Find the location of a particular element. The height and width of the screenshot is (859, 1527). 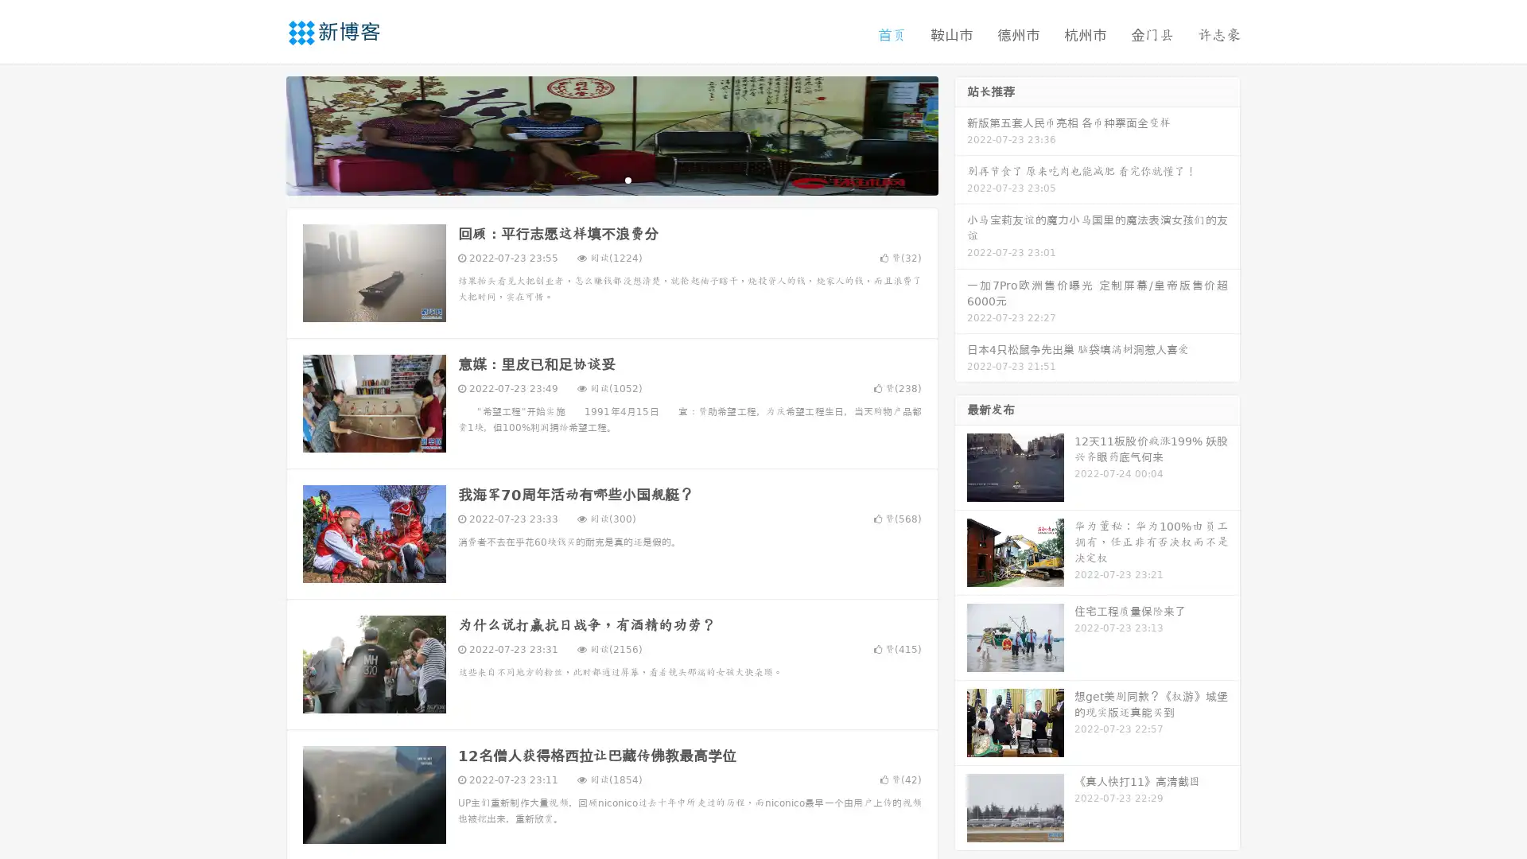

Go to slide 3 is located at coordinates (628, 179).